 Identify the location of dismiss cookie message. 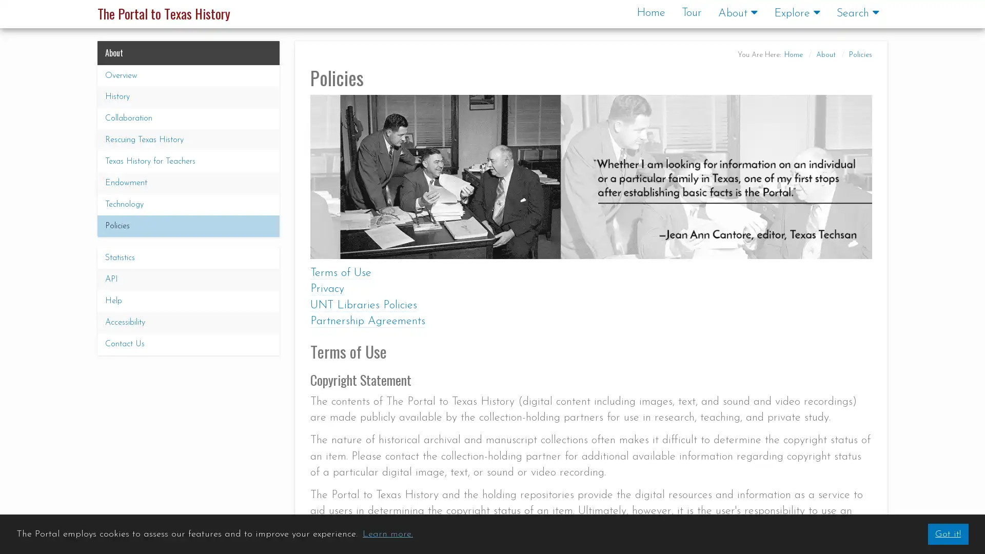
(947, 533).